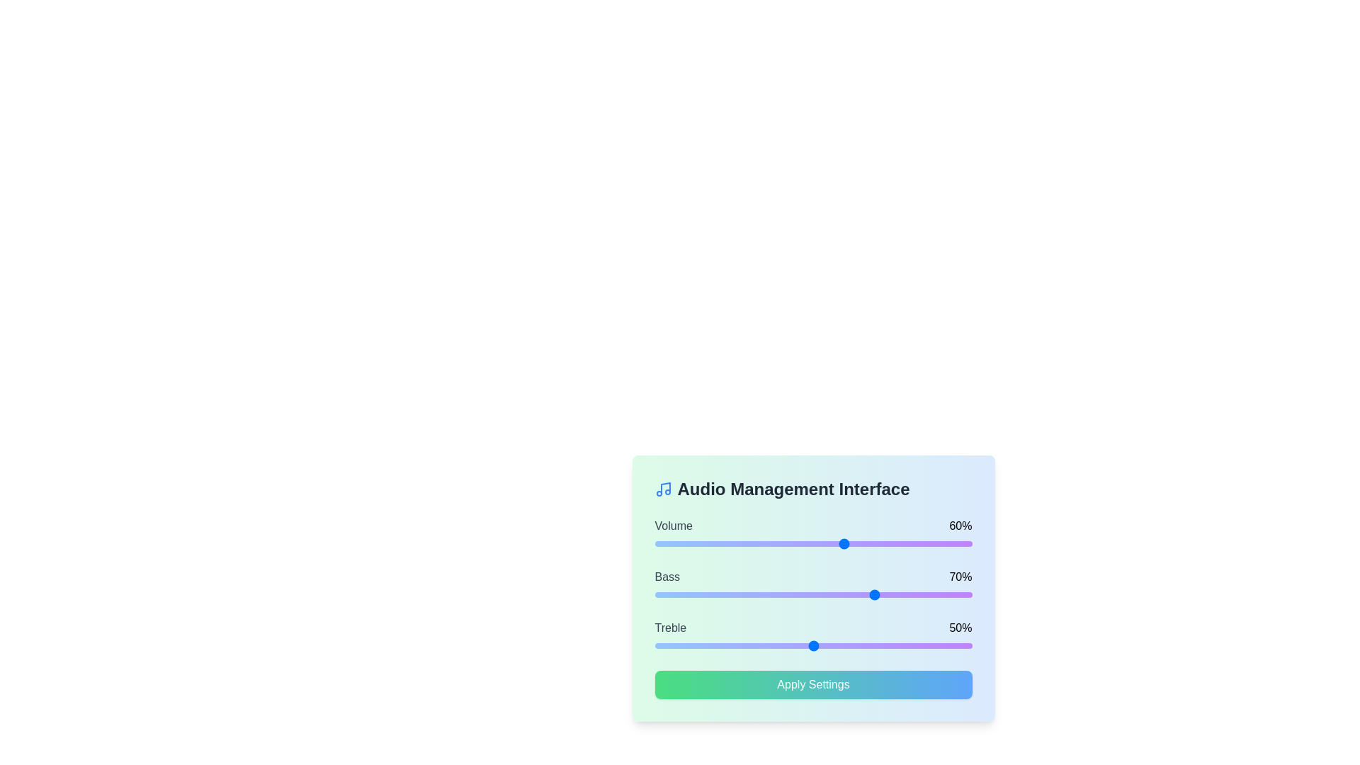 The width and height of the screenshot is (1360, 765). Describe the element at coordinates (813, 585) in the screenshot. I see `the 'Bass' slider control` at that location.